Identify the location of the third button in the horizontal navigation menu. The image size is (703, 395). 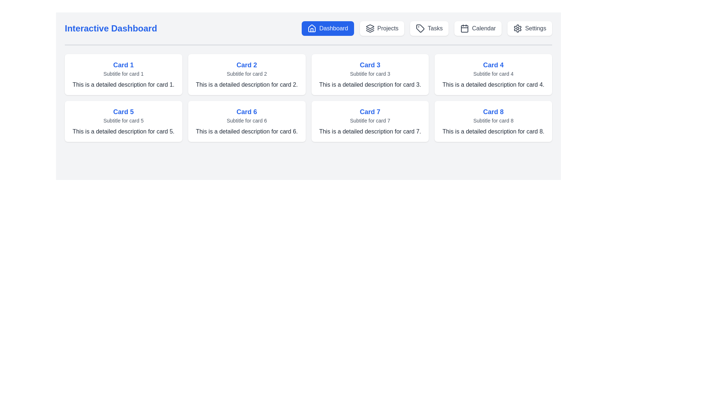
(429, 28).